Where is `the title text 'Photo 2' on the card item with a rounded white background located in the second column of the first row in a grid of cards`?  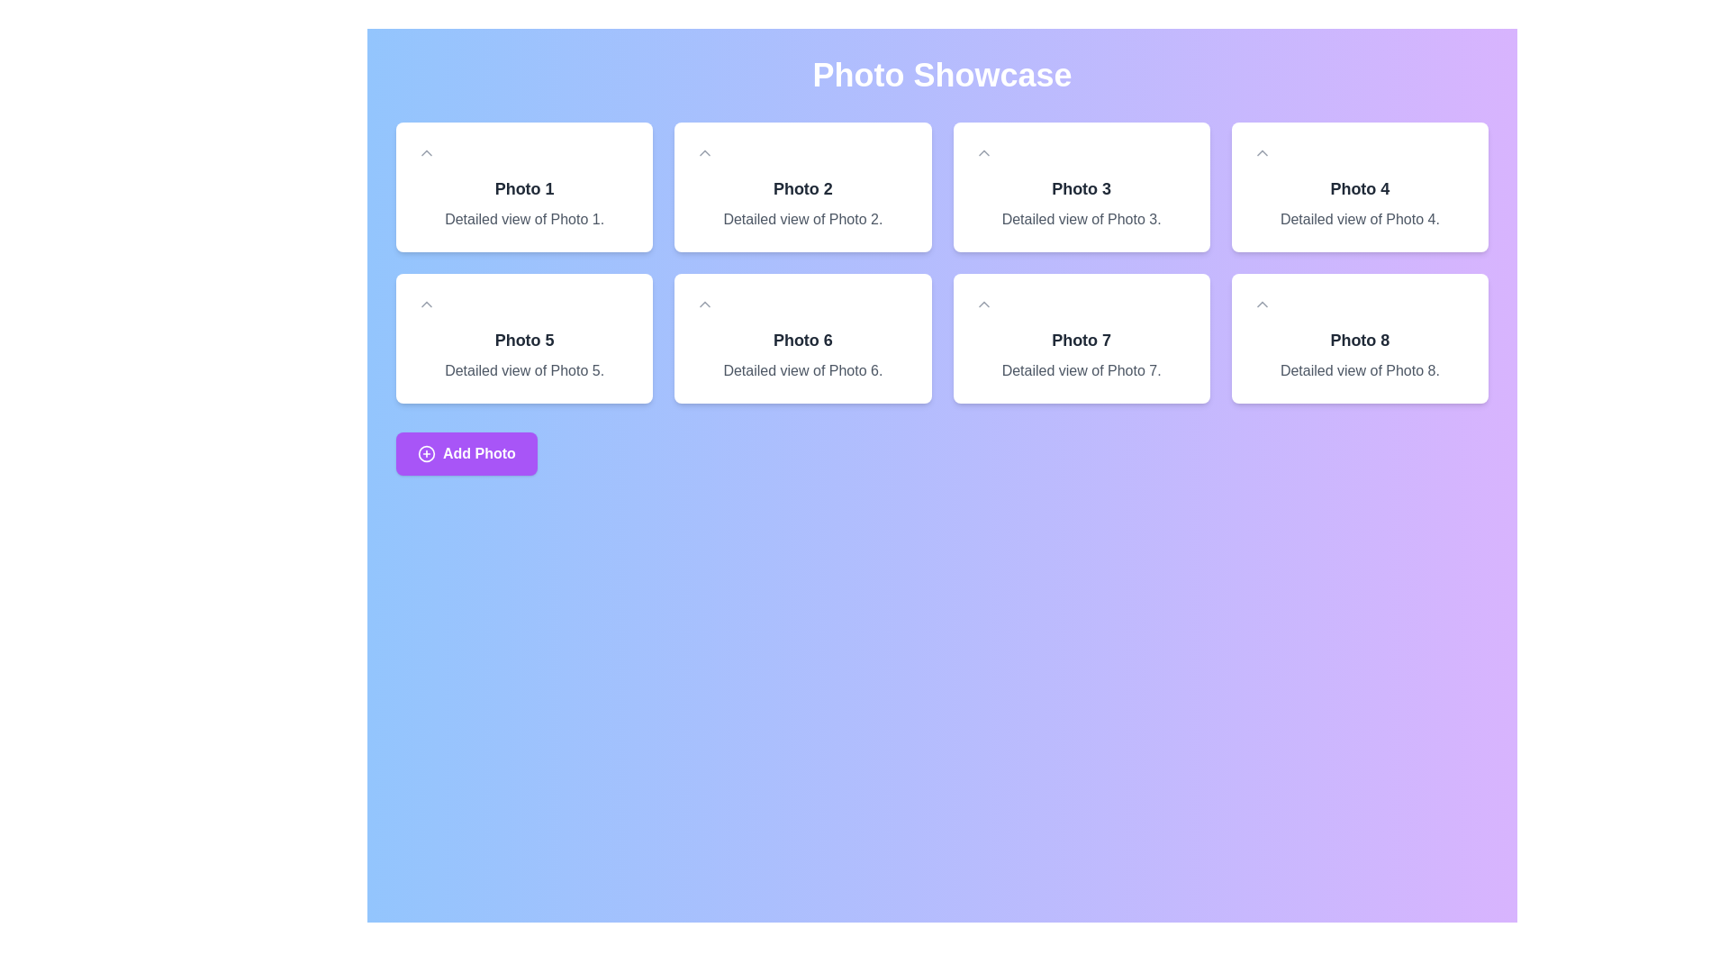 the title text 'Photo 2' on the card item with a rounded white background located in the second column of the first row in a grid of cards is located at coordinates (801, 187).